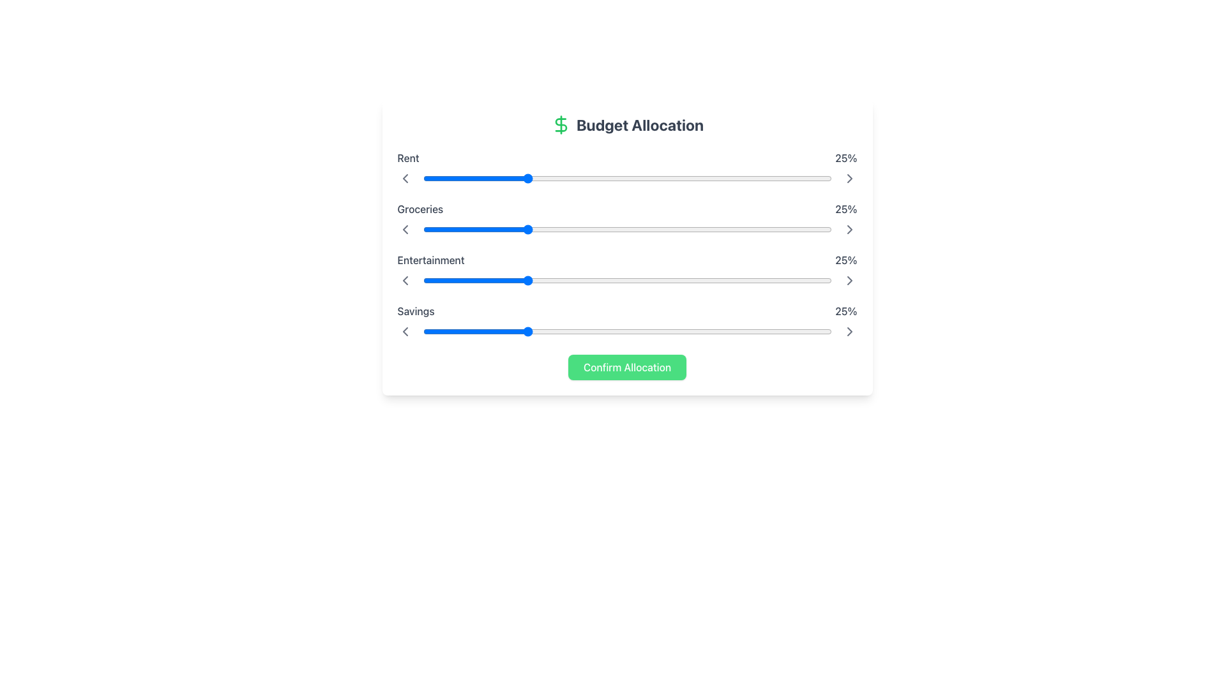  What do you see at coordinates (623, 228) in the screenshot?
I see `the slider value` at bounding box center [623, 228].